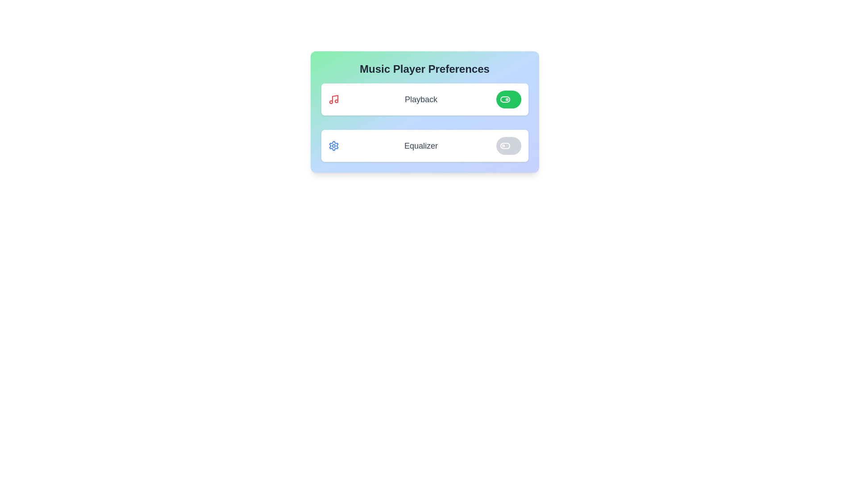 The image size is (857, 482). Describe the element at coordinates (505, 145) in the screenshot. I see `the toggle switch for the 'Equalizer' setting in the 'Music Player Preferences' panel` at that location.